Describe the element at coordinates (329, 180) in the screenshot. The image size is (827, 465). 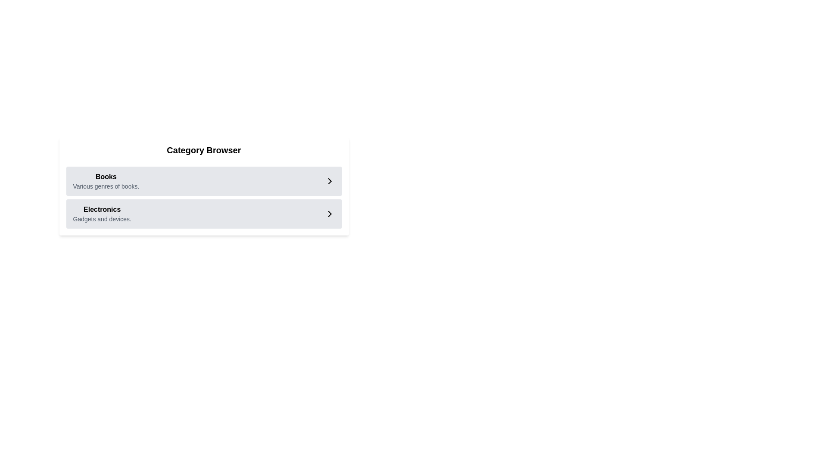
I see `the chevron icon located on the rightmost side of the 'Books' list item row` at that location.